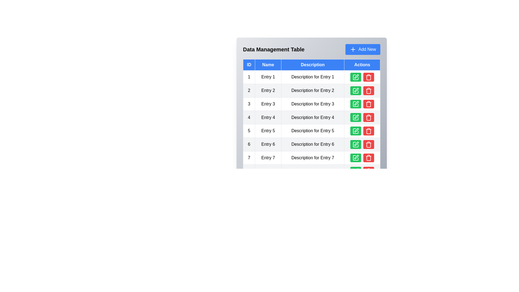 This screenshot has height=292, width=519. I want to click on the column header labeled Actions to sort the table by that column, so click(362, 64).